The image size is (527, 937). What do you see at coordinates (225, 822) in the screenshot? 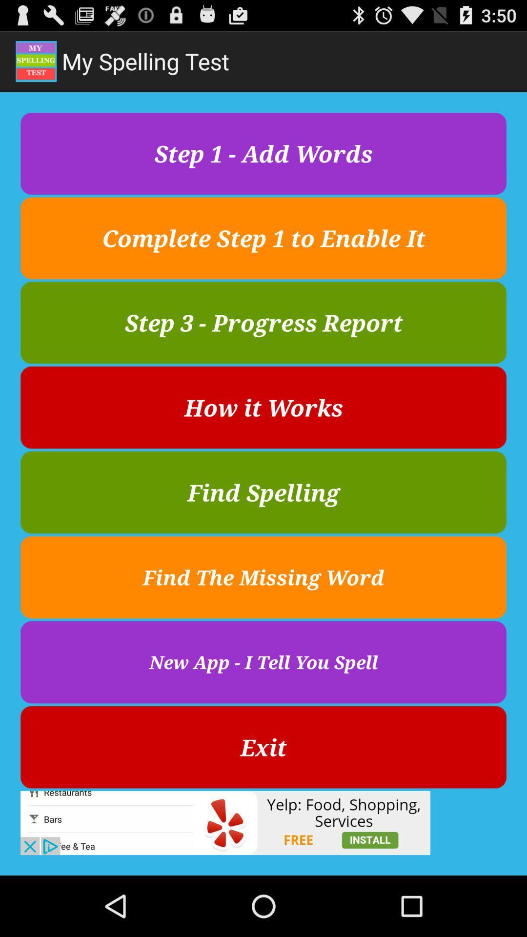
I see `advertisement` at bounding box center [225, 822].